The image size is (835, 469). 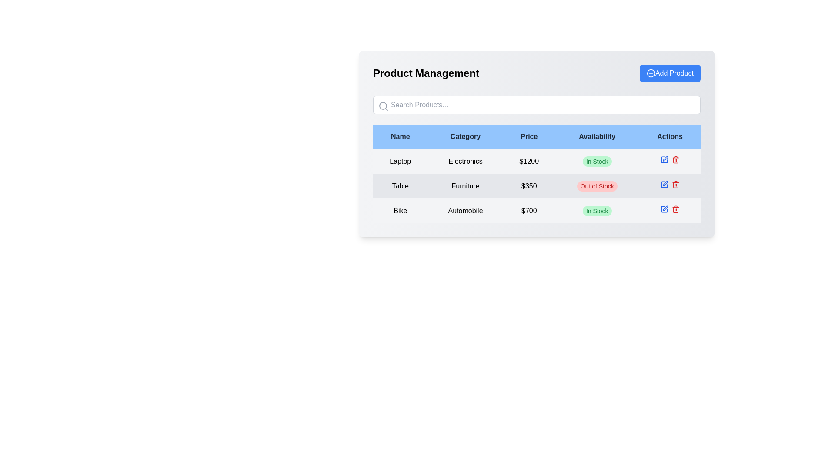 What do you see at coordinates (665, 183) in the screenshot?
I see `the edit icon in the Actions column of the product table for the second product` at bounding box center [665, 183].